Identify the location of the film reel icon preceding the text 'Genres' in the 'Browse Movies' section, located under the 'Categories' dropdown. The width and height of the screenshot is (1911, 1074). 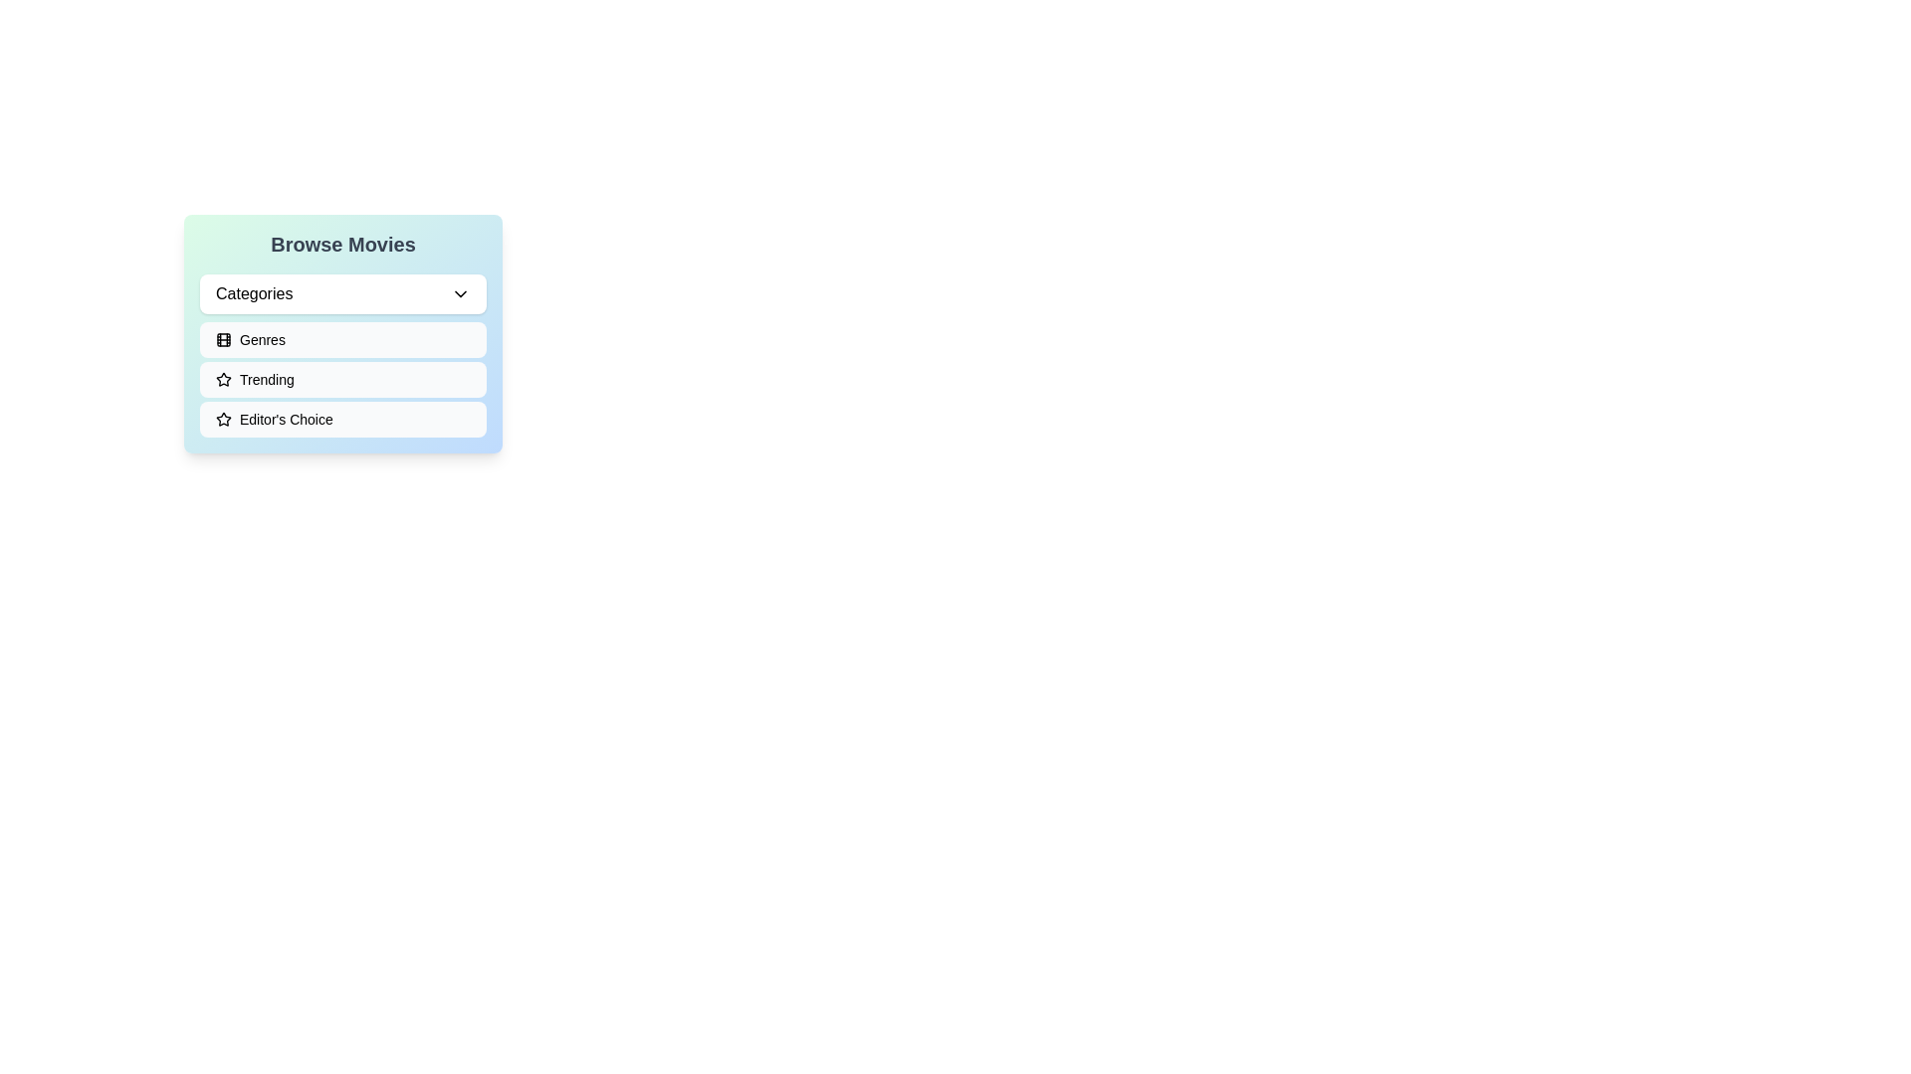
(224, 339).